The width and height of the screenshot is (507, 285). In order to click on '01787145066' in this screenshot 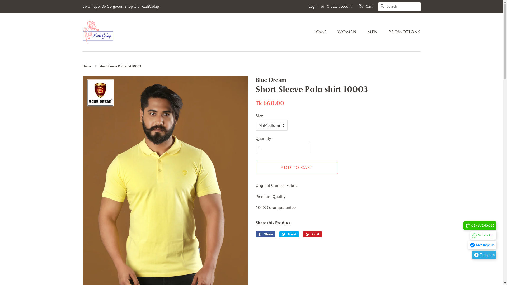, I will do `click(480, 226)`.